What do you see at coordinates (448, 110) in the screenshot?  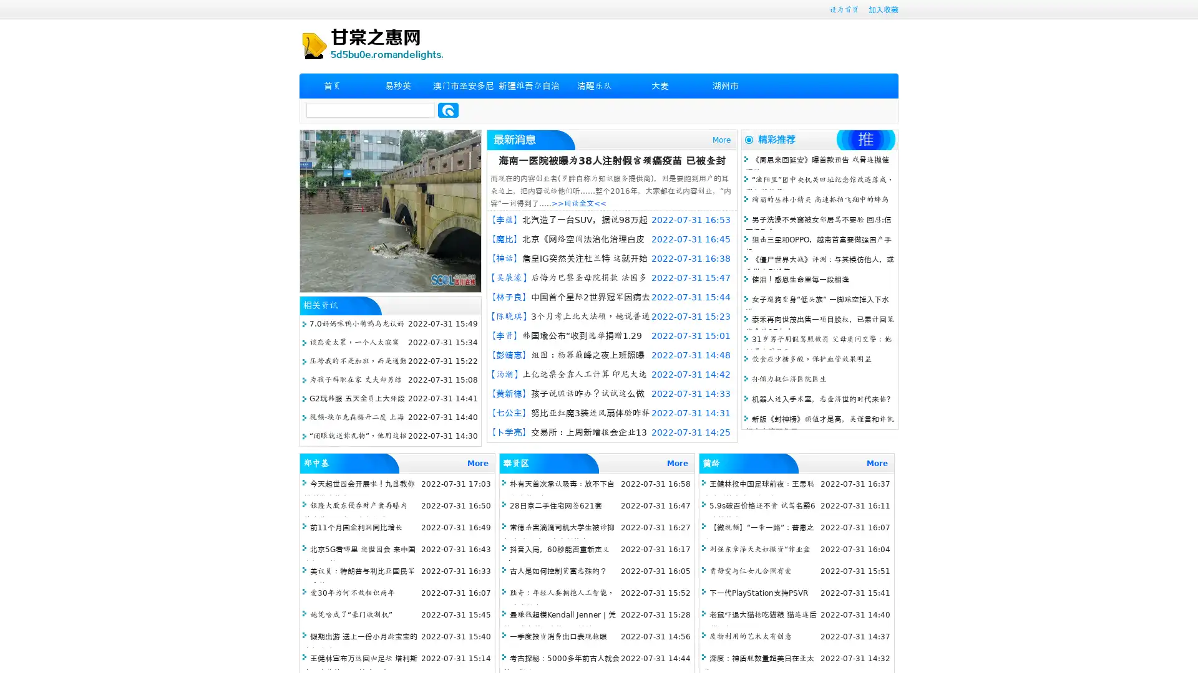 I see `Search` at bounding box center [448, 110].